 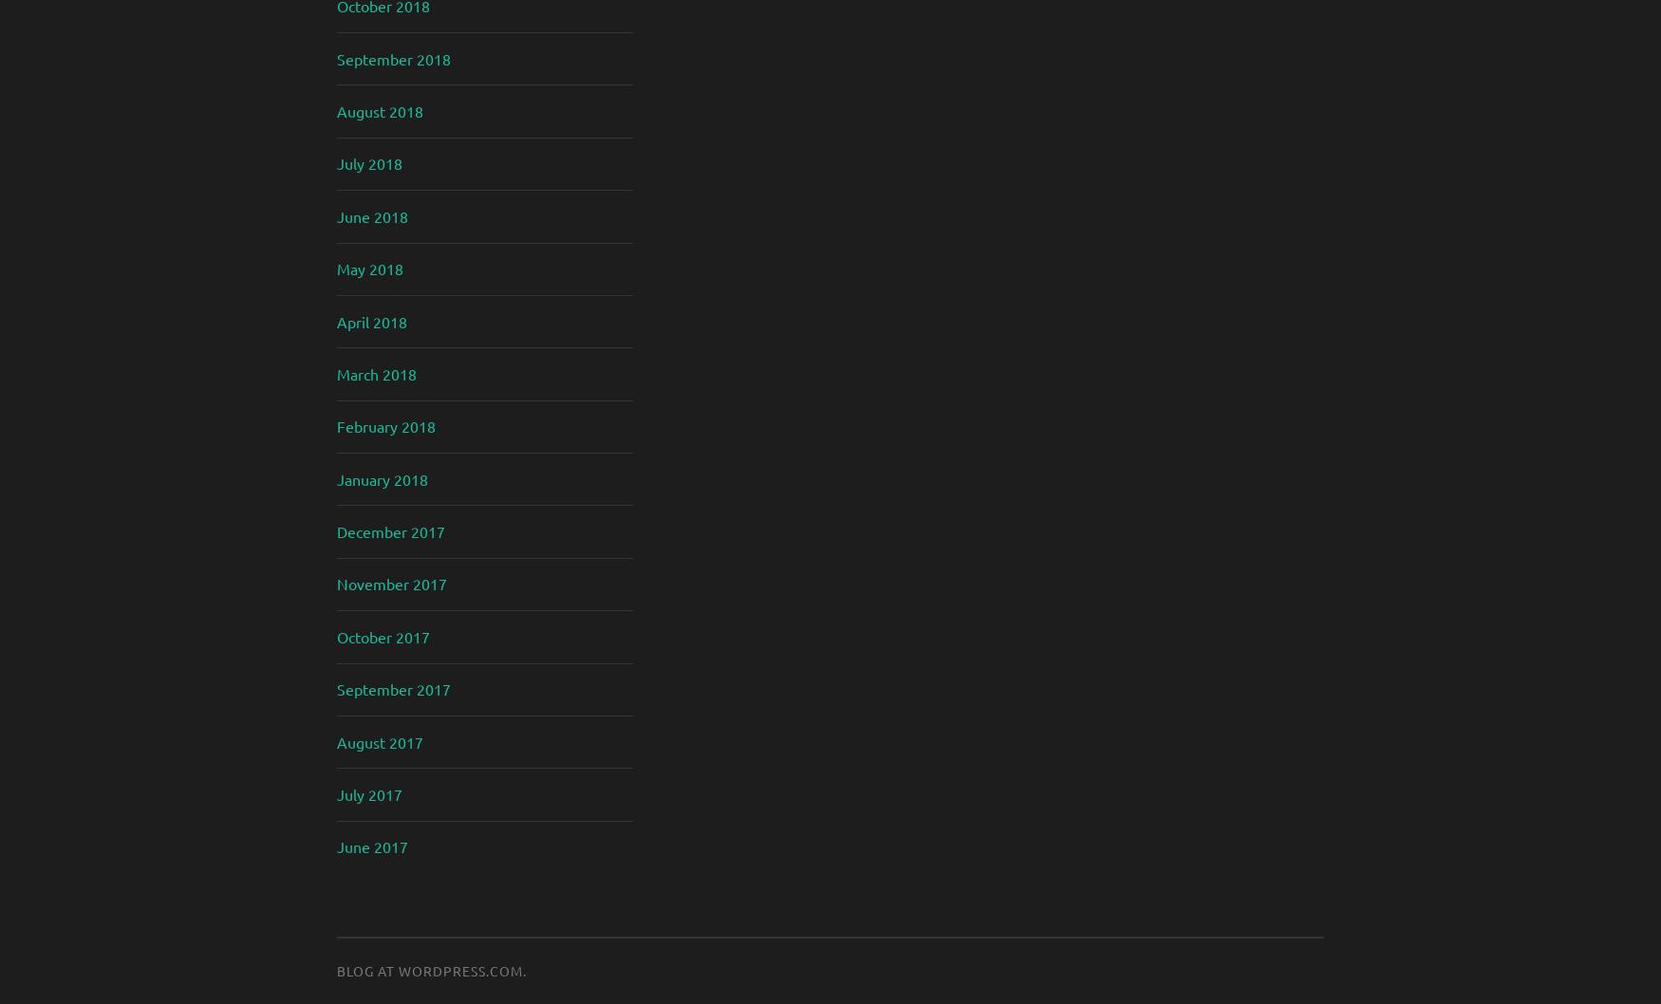 What do you see at coordinates (432, 969) in the screenshot?
I see `'Blog at WordPress.com.'` at bounding box center [432, 969].